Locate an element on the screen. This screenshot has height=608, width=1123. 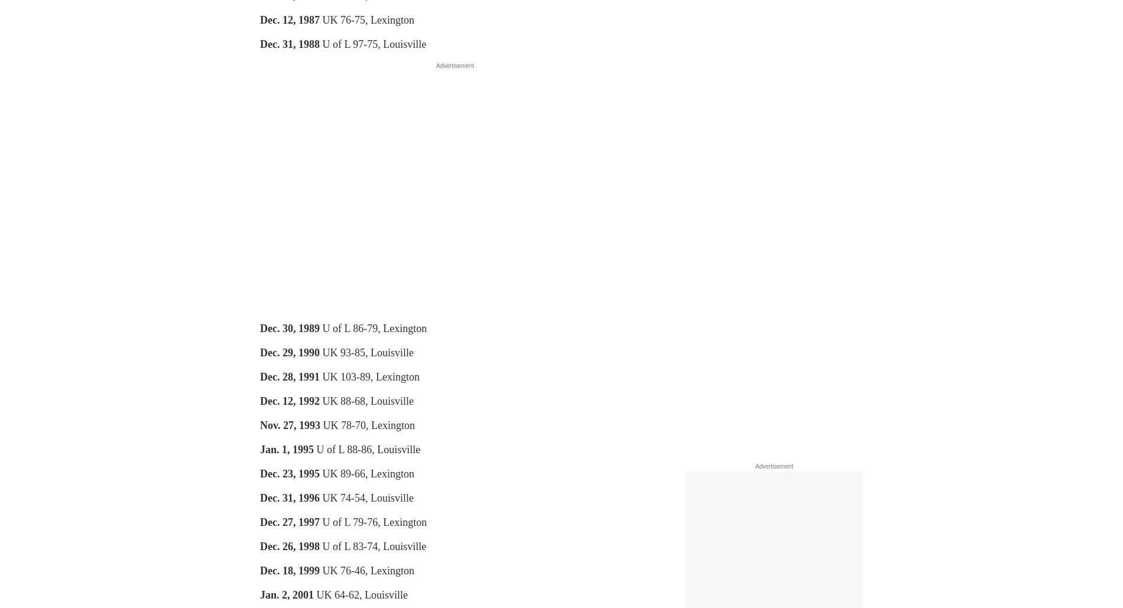
'U of L 88-86, Louisville' is located at coordinates (366, 450).